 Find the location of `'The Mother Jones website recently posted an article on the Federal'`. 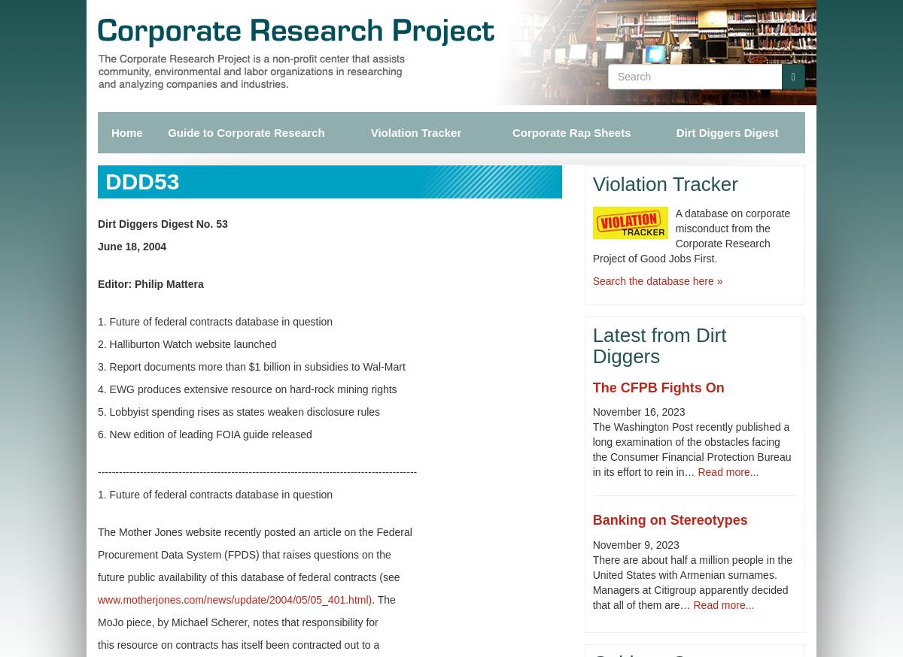

'The Mother Jones website recently posted an article on the Federal' is located at coordinates (97, 531).